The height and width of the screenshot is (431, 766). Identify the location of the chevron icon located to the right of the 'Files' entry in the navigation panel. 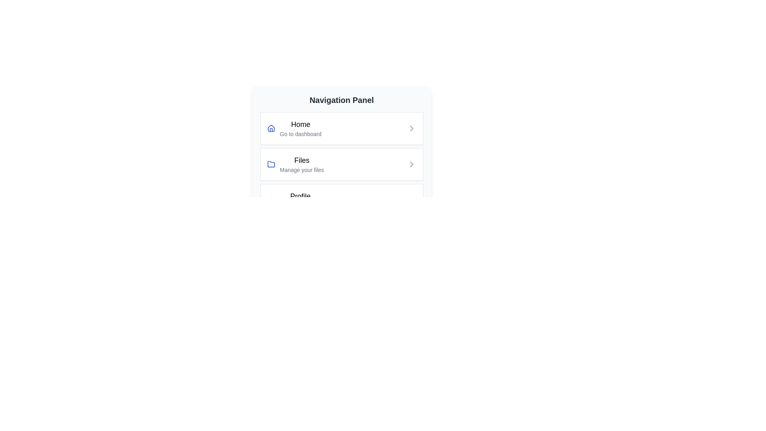
(411, 164).